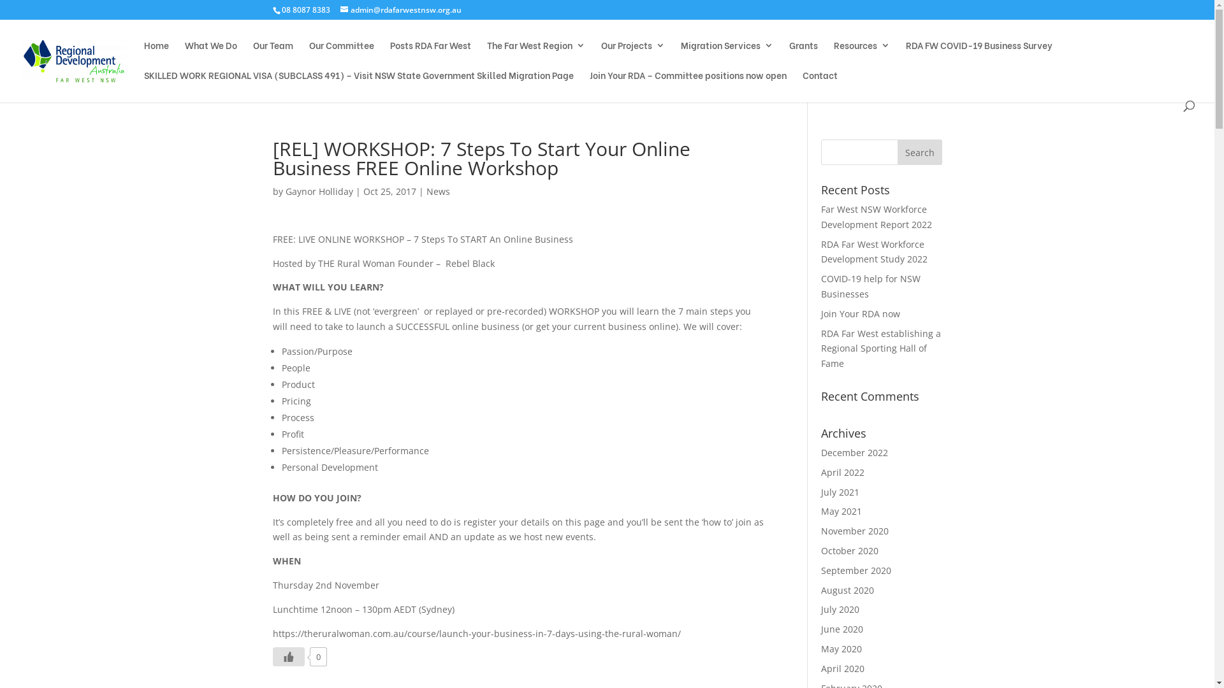 The image size is (1224, 688). Describe the element at coordinates (820, 348) in the screenshot. I see `'RDA Far West establishing a Regional Sporting Hall of Fame'` at that location.